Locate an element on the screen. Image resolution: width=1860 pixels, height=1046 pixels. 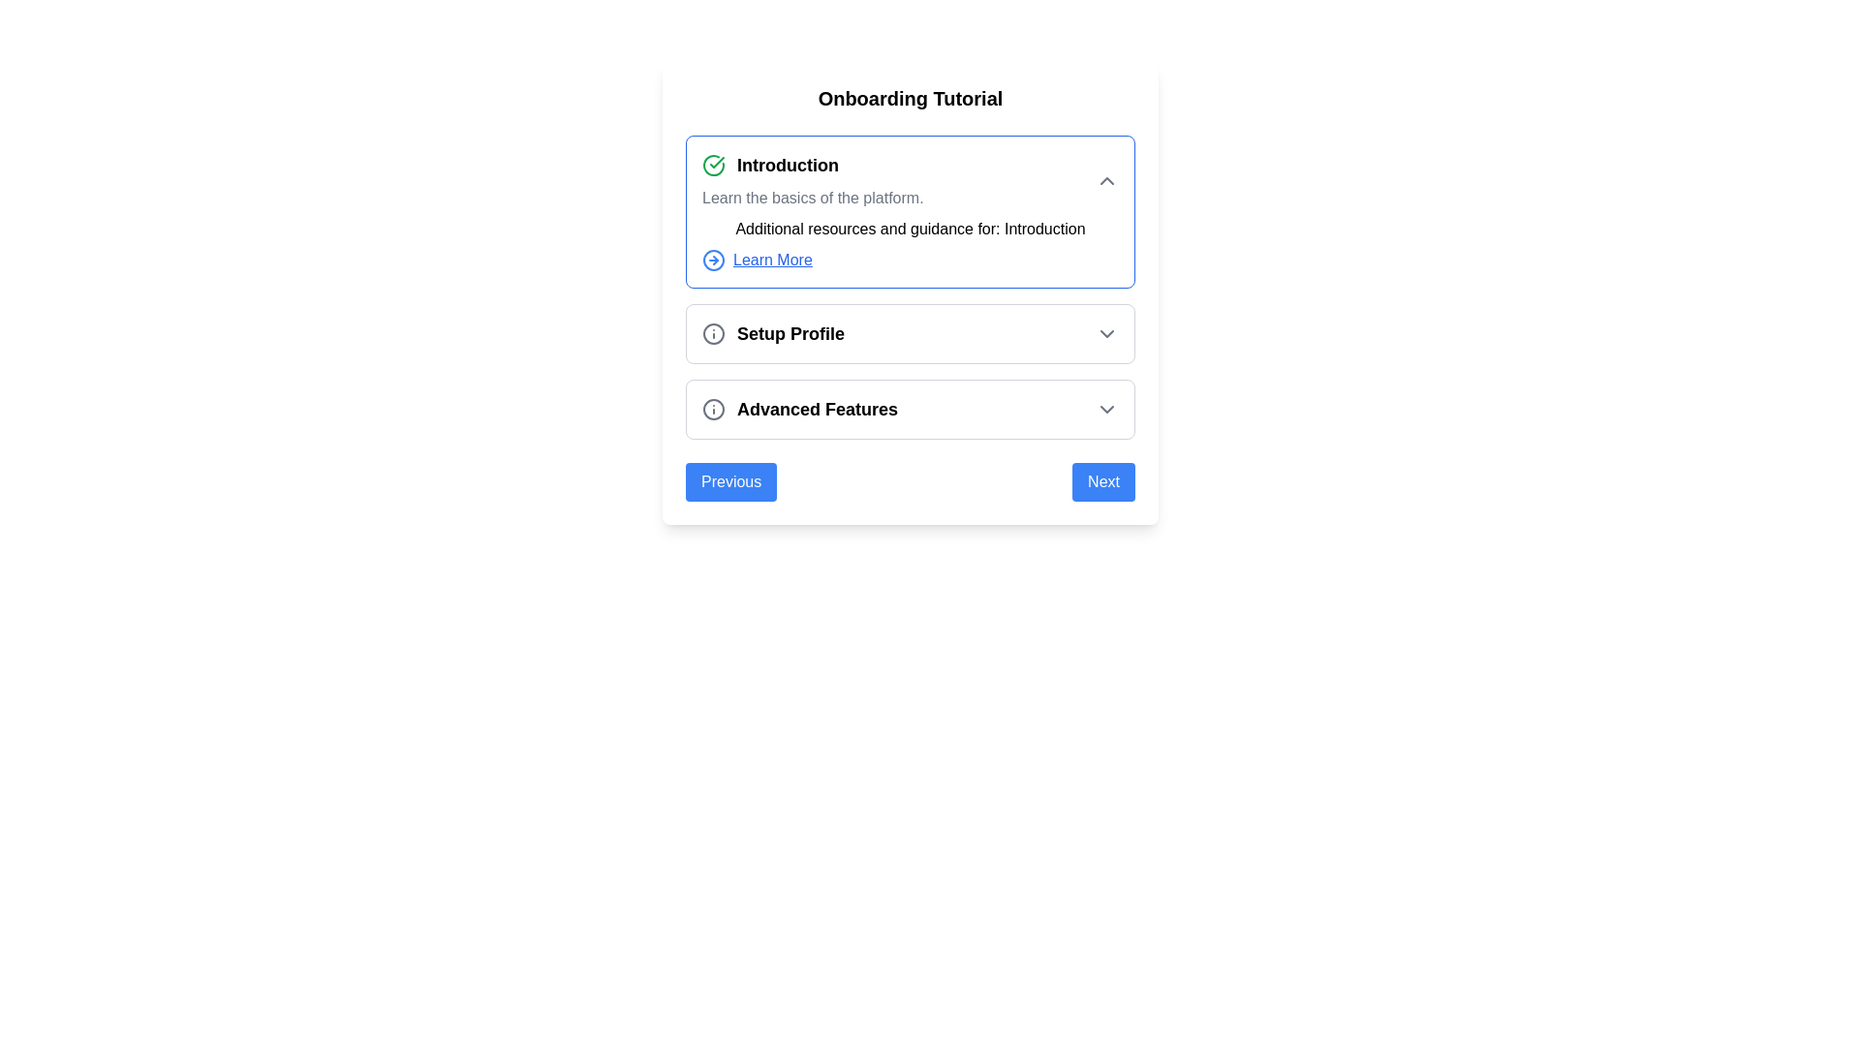
the 'Previous' button located in the bottom left of the main content area is located at coordinates (729, 480).